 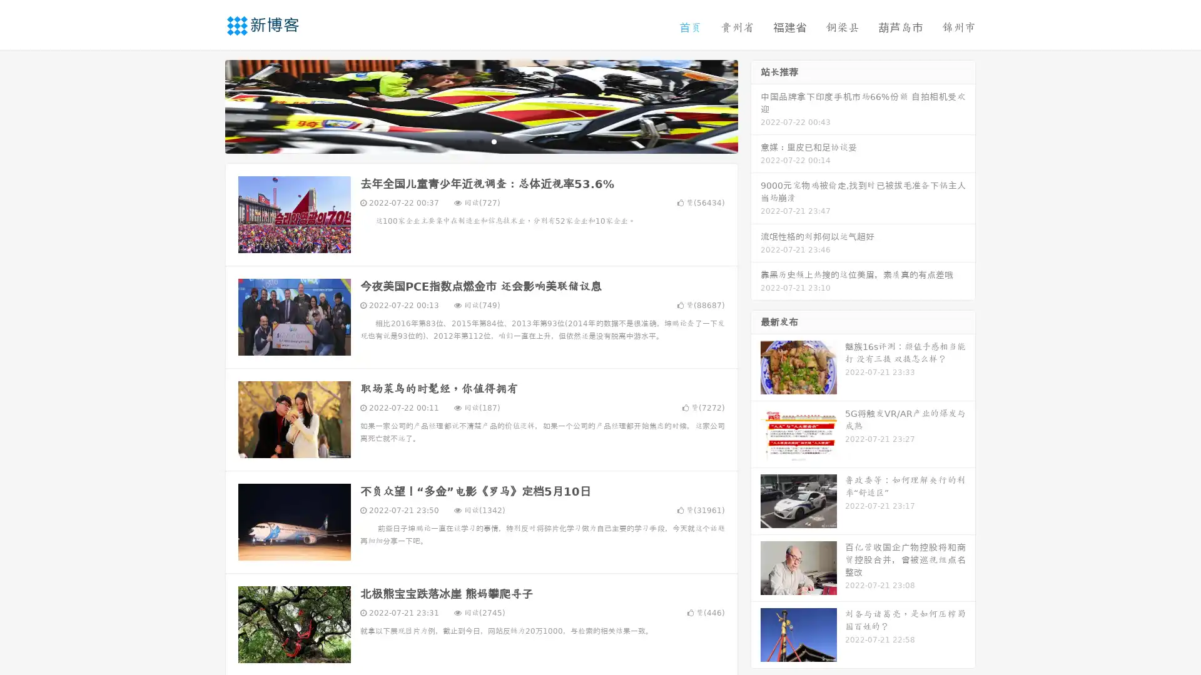 I want to click on Previous slide, so click(x=206, y=105).